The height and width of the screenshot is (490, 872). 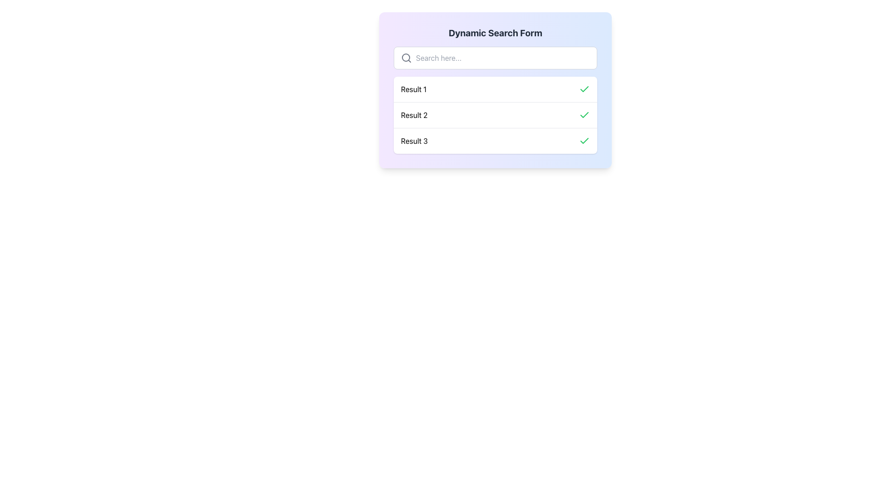 I want to click on the green checkmark icon located at the far right of the row labeled 'Result 1' to confirm selection, so click(x=584, y=89).